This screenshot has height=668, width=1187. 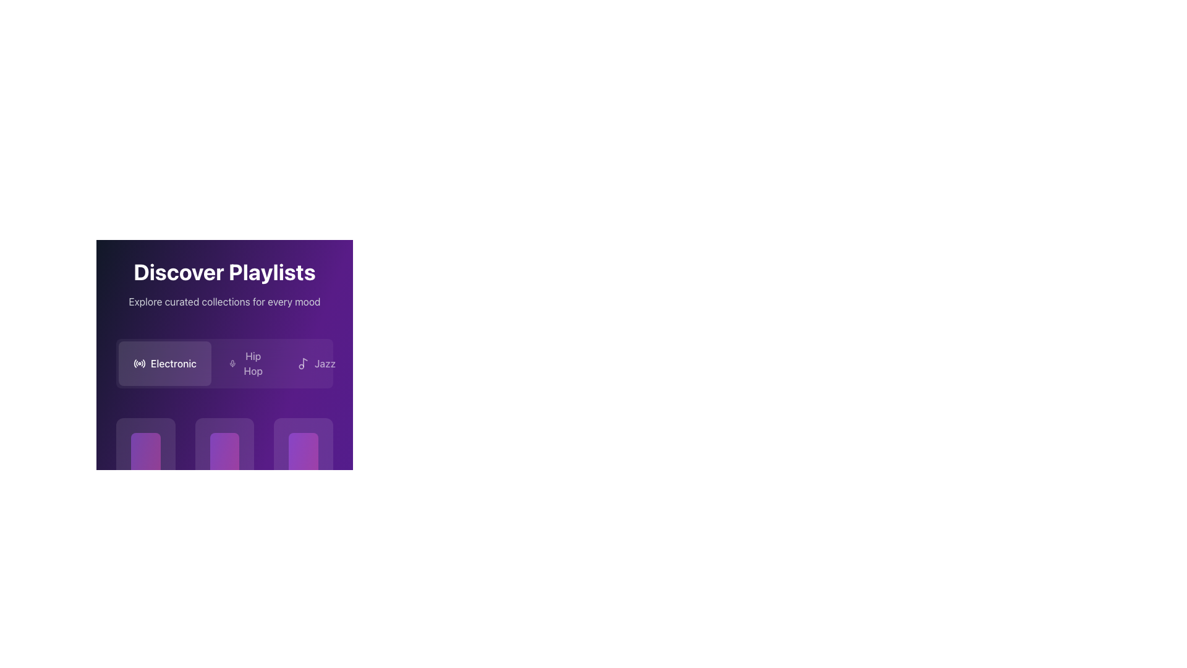 What do you see at coordinates (247, 362) in the screenshot?
I see `the rectangular button labeled 'Hip Hop' that features a mic icon` at bounding box center [247, 362].